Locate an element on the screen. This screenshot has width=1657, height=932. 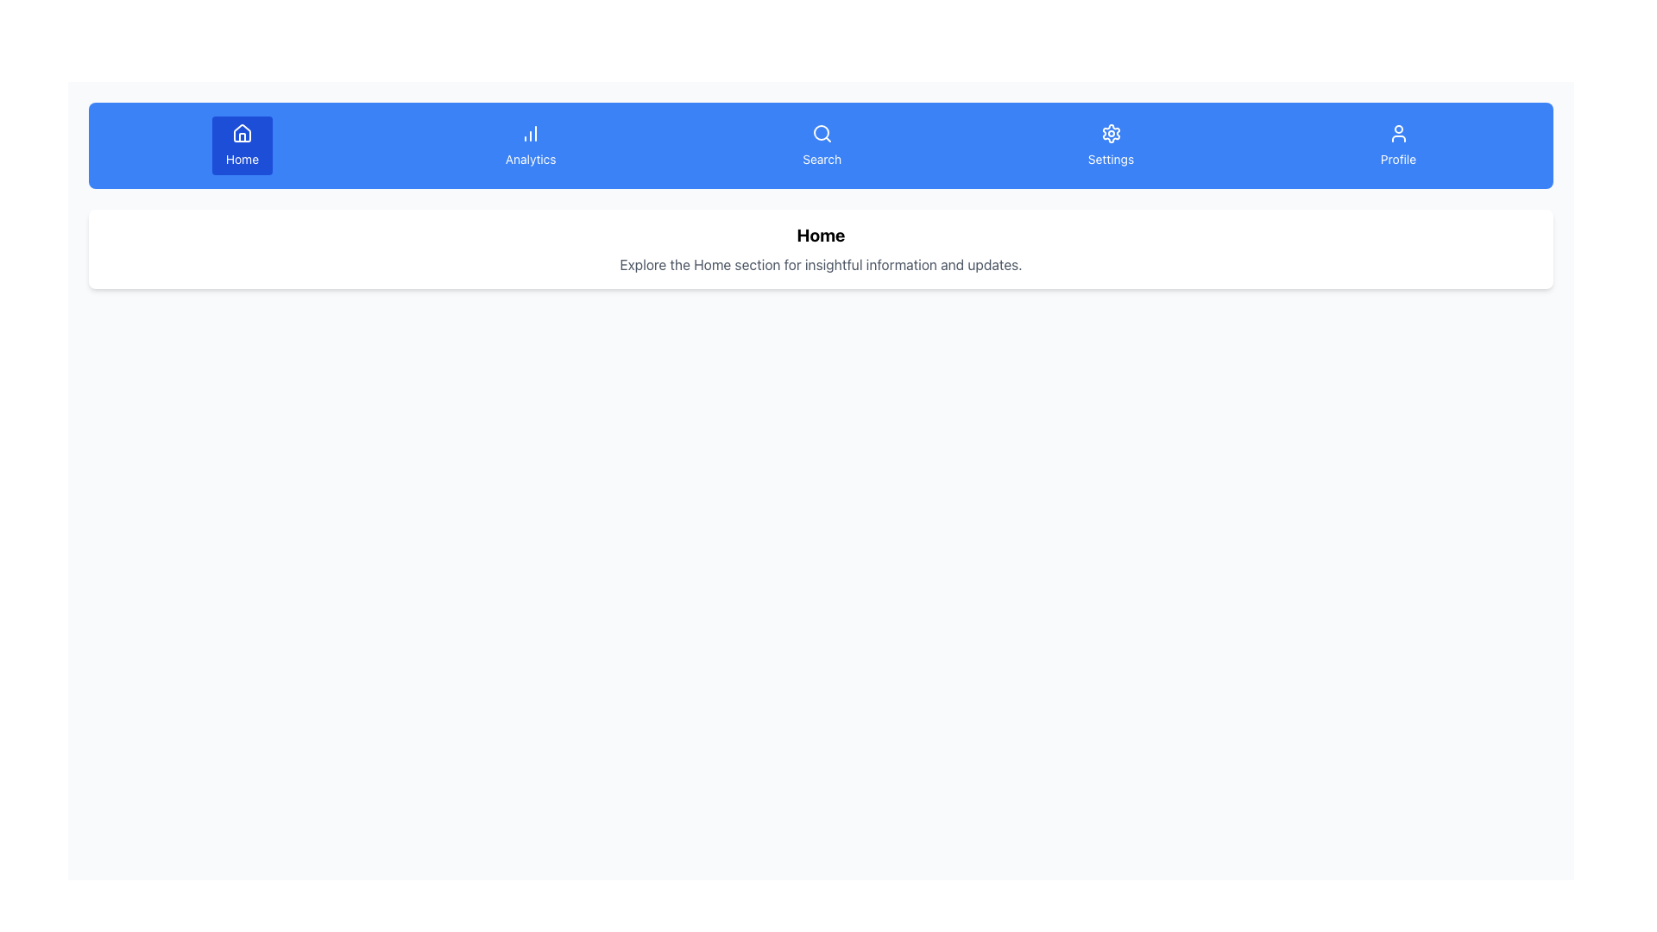
the 'Search' button with a blue background, located centrally in the navigation bar between 'Analytics' and 'Settings', to invoke the search functionality is located at coordinates (821, 145).